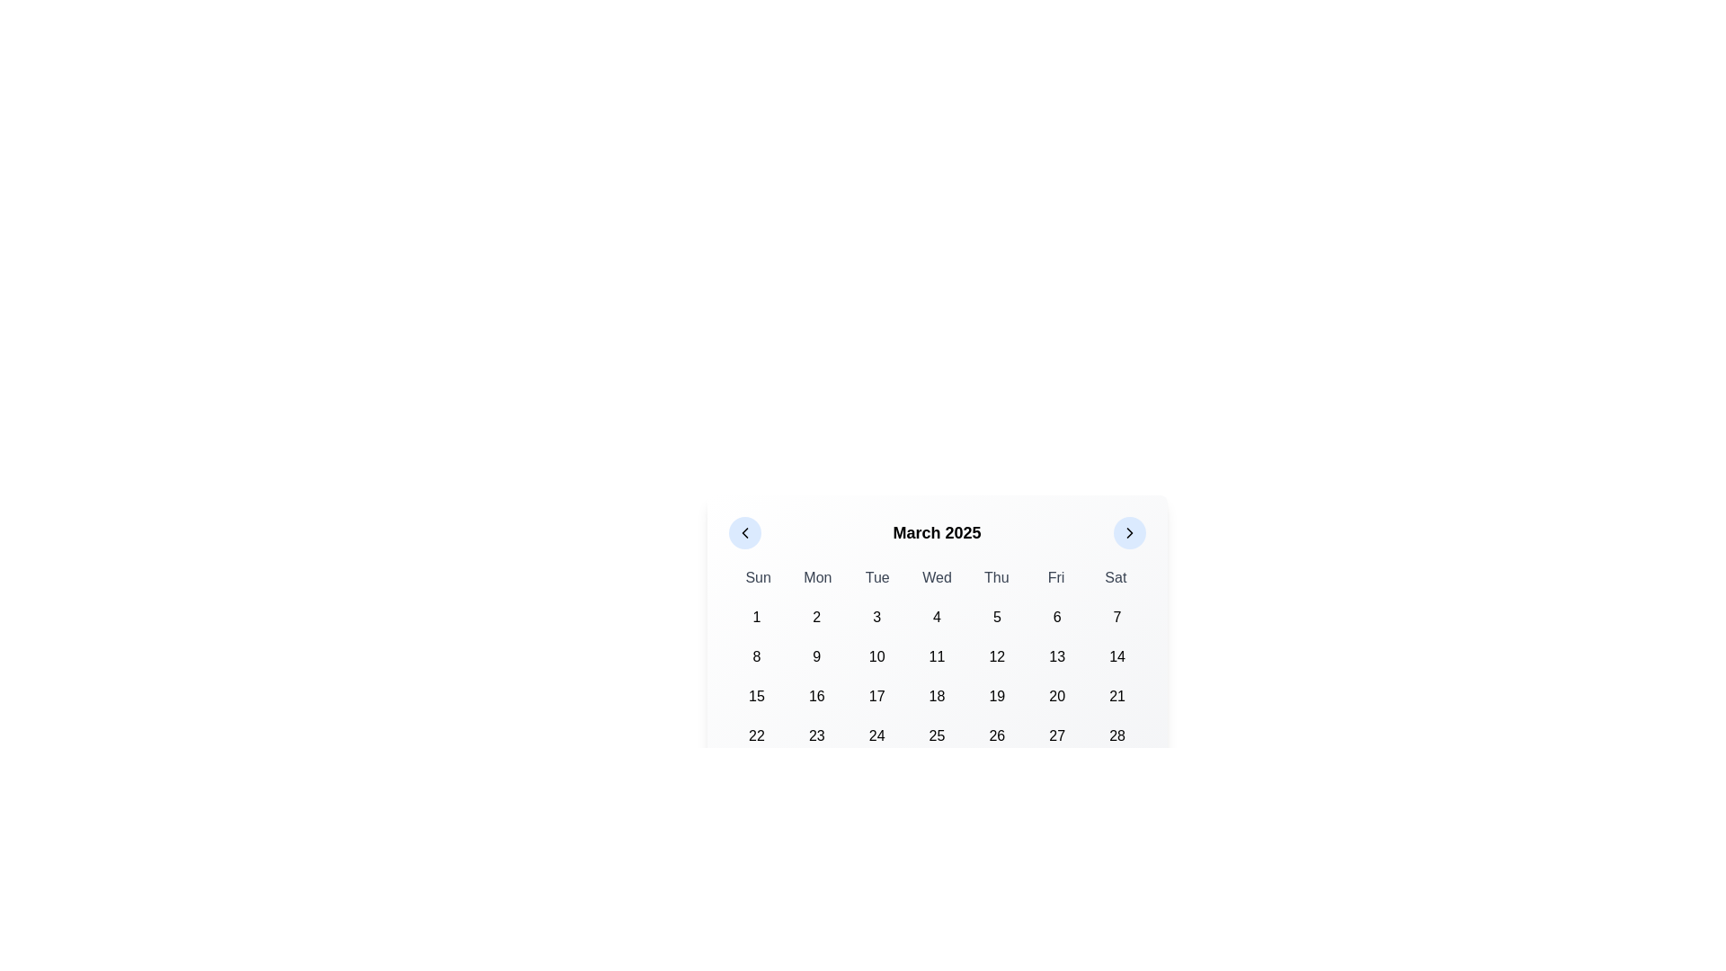  I want to click on the interactive day selector button for Thursday, which is the fifth entry, so click(996, 616).